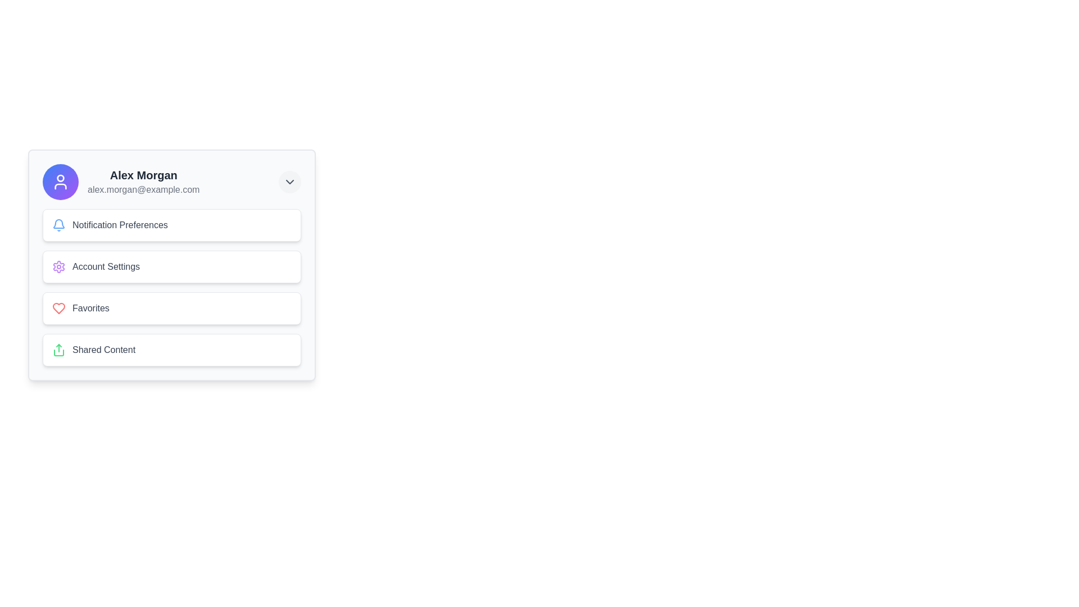  Describe the element at coordinates (60, 177) in the screenshot. I see `the SVG Circle representing the user's avatar icon, which is located at the top-center position of the purple rounded square` at that location.